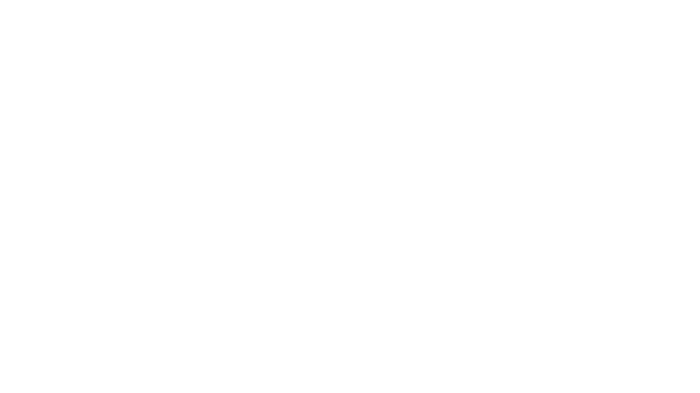 Image resolution: width=700 pixels, height=393 pixels. I want to click on Play Episode 5: Naomi Clarke by No One Wants to Hear Your RPG Stories, so click(98, 154).